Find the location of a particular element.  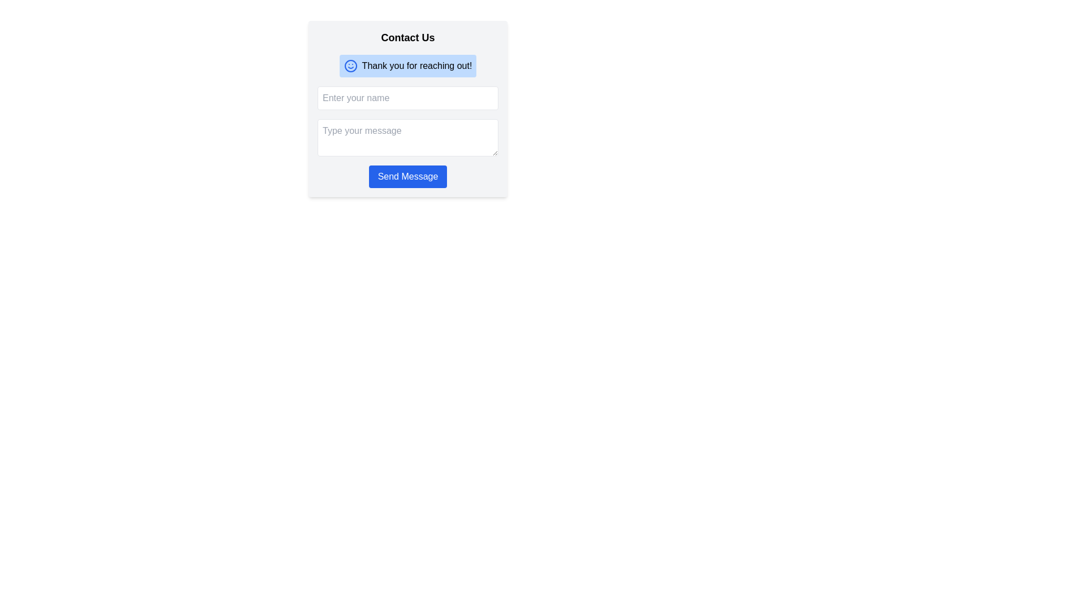

the header text label of the contact form, which is located at the top of a rounded, shadowed card with a light gray background is located at coordinates (407, 37).